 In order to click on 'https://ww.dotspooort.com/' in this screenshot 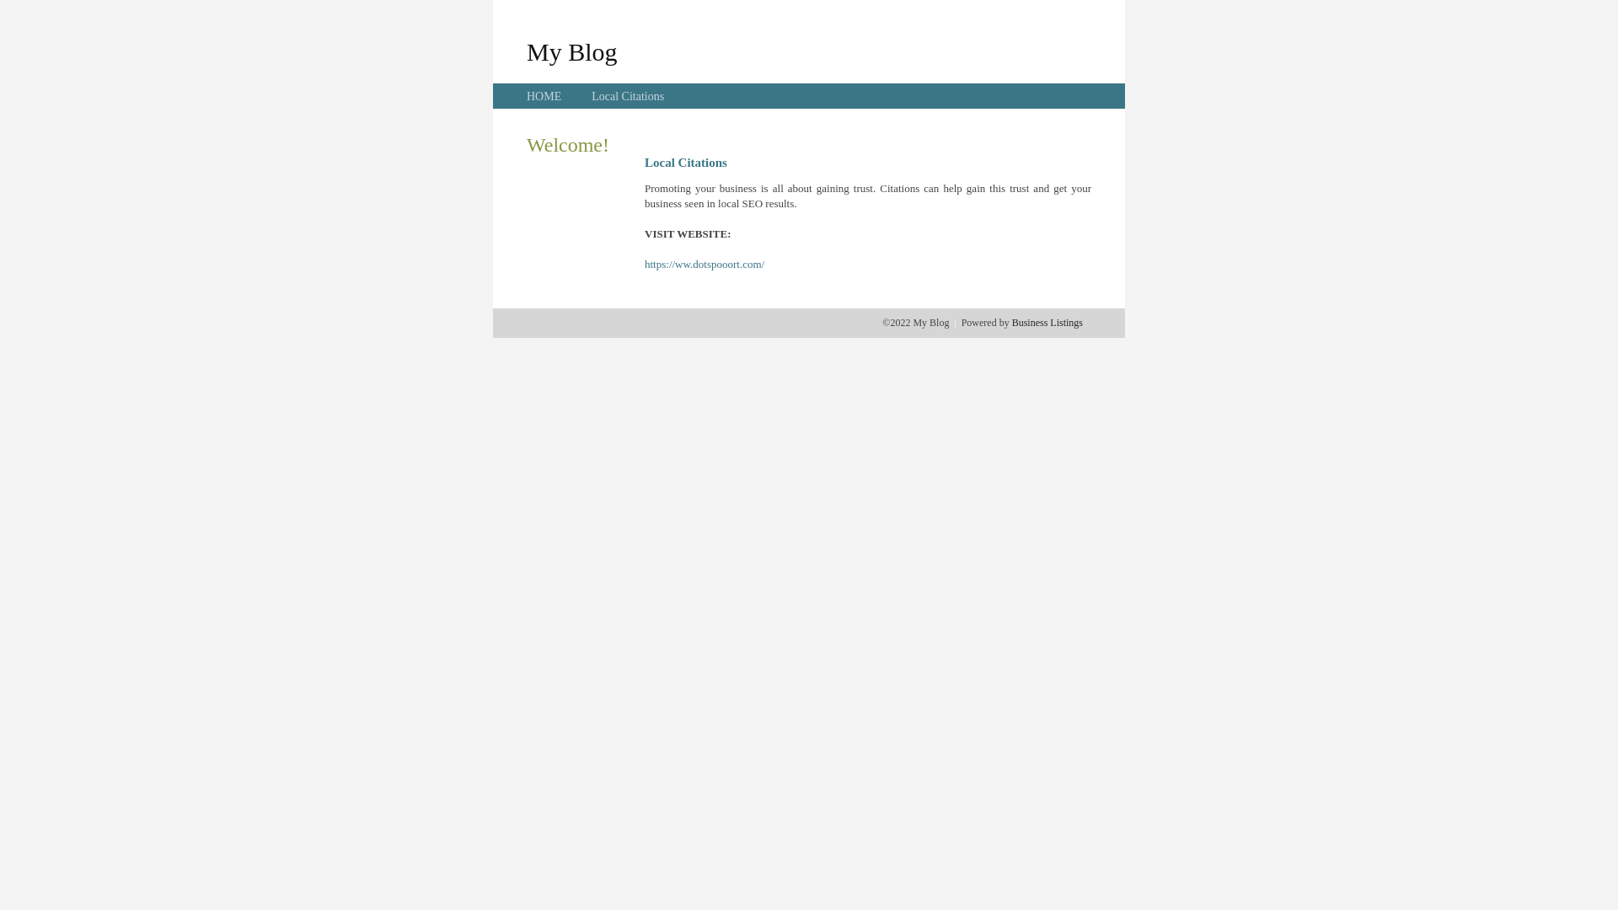, I will do `click(704, 264)`.